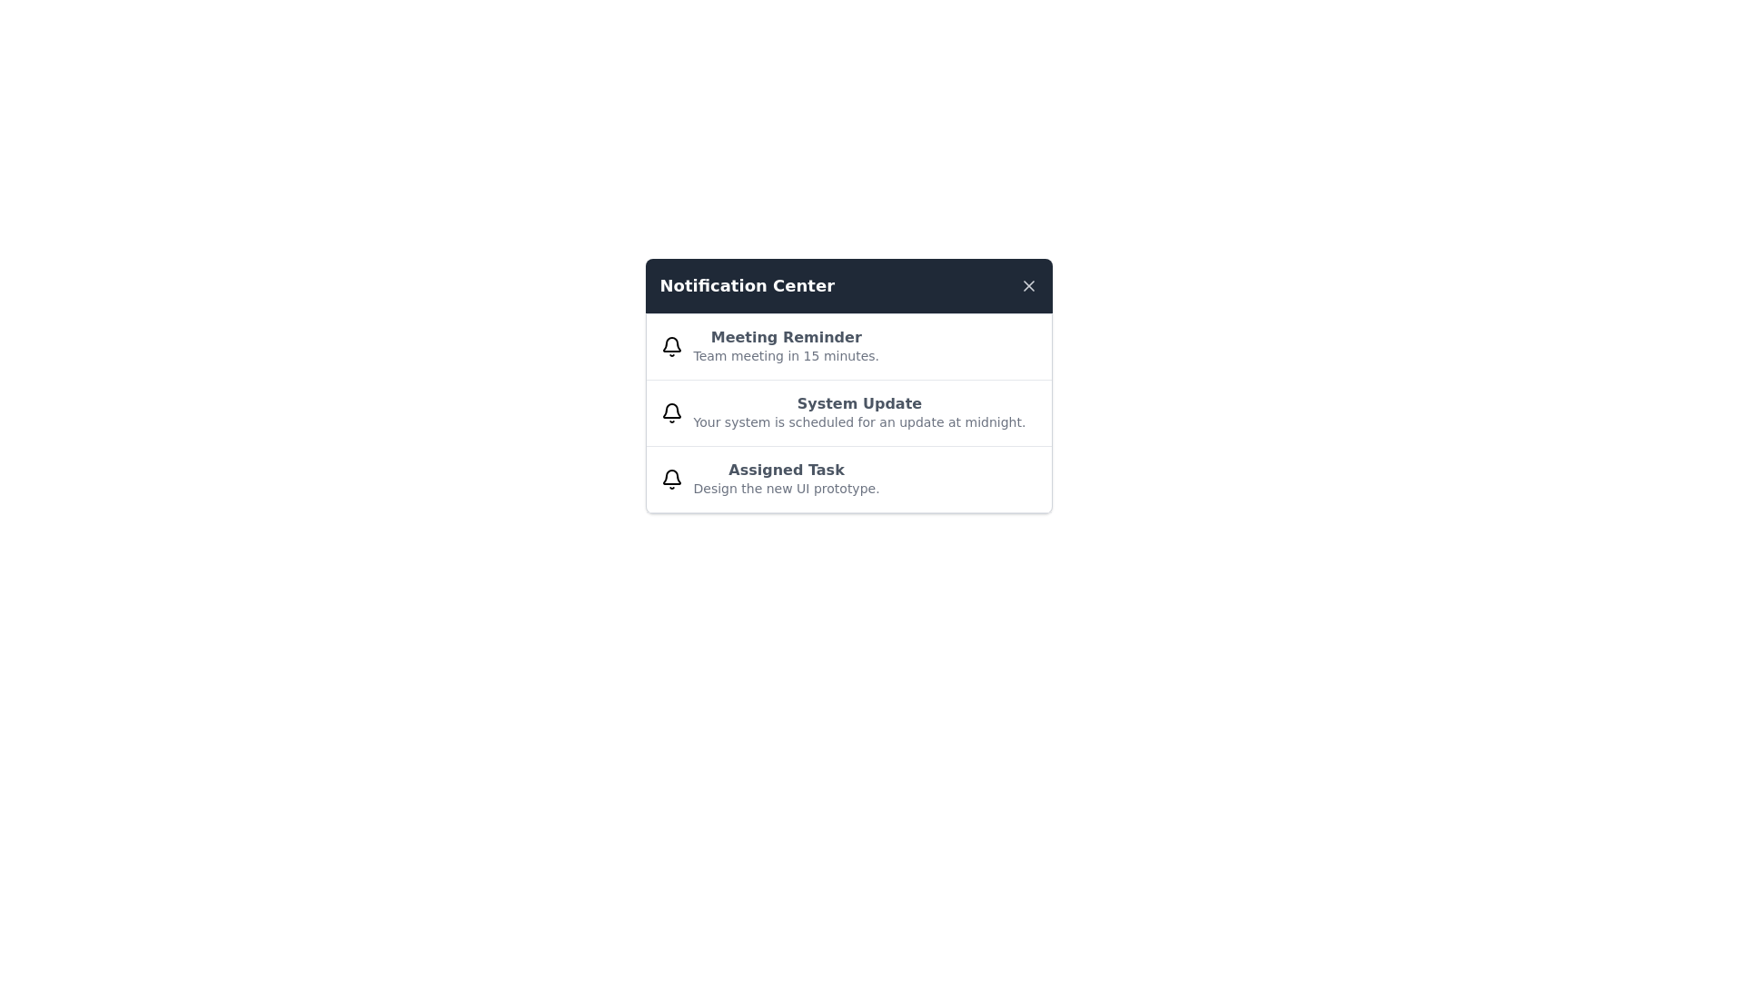 Image resolution: width=1744 pixels, height=981 pixels. I want to click on the static informational text that reads 'Your system is scheduled for an update at midnight.' which is styled in gray font and located below the 'System Update' header in the Notification Center, so click(858, 422).